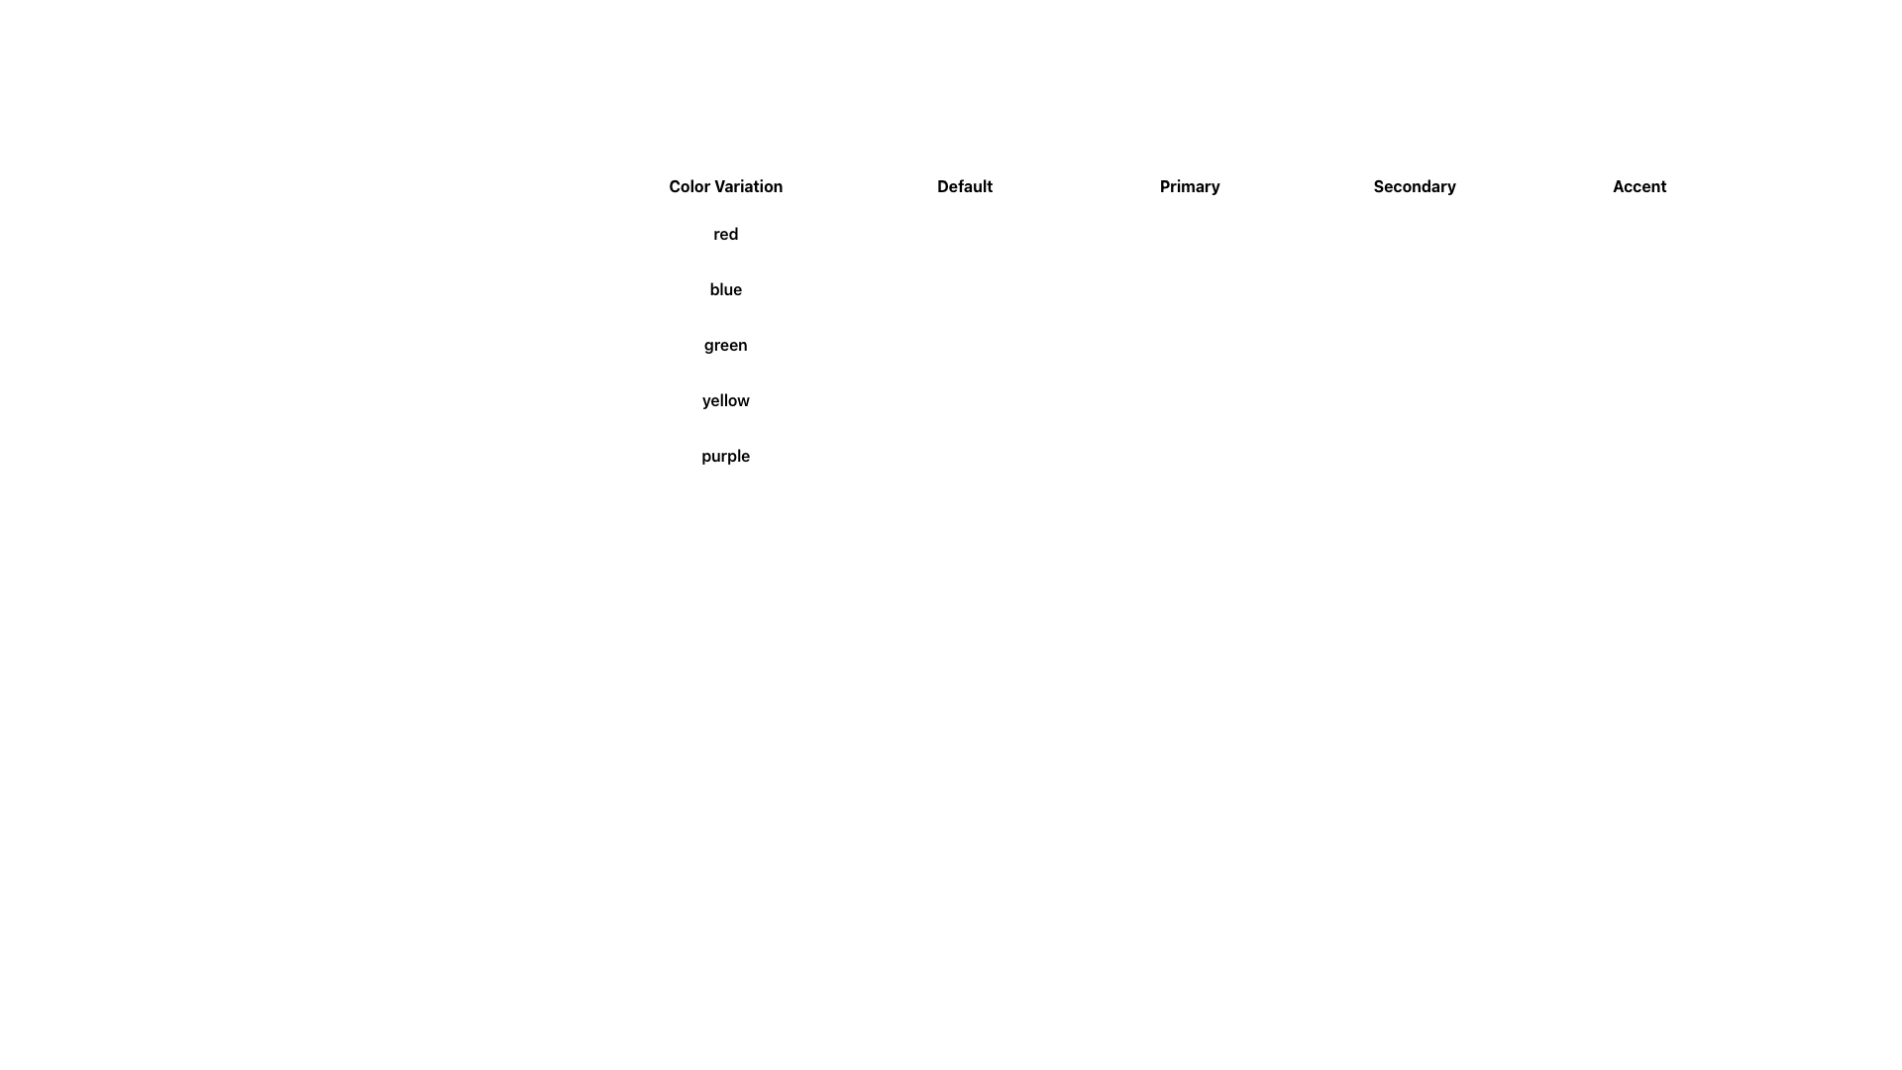 The height and width of the screenshot is (1070, 1902). What do you see at coordinates (1189, 400) in the screenshot?
I see `the fourth button in the Primary column` at bounding box center [1189, 400].